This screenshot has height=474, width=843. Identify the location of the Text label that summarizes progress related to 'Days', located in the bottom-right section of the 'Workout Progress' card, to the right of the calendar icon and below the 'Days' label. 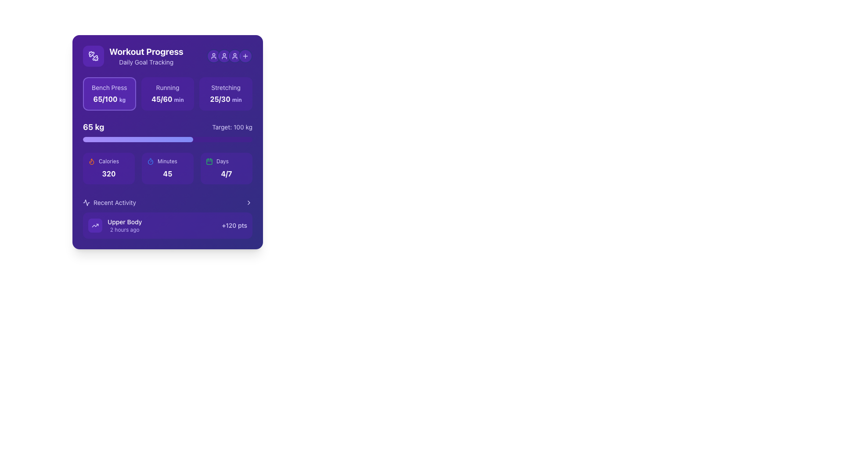
(226, 174).